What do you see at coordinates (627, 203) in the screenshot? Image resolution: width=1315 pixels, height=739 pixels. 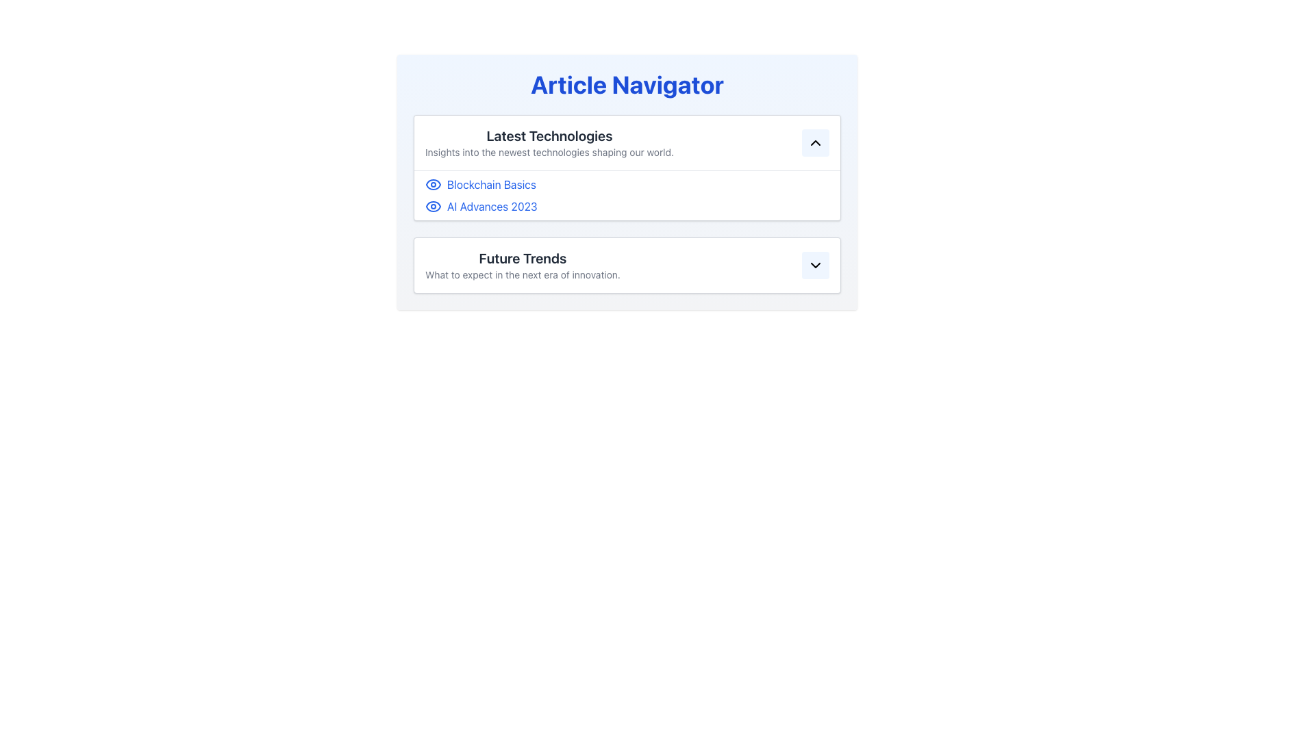 I see `the sub-items within the 'Latest Technologies' collapsible panel, which is the first collapsible section under the 'Article Navigator.'` at bounding box center [627, 203].